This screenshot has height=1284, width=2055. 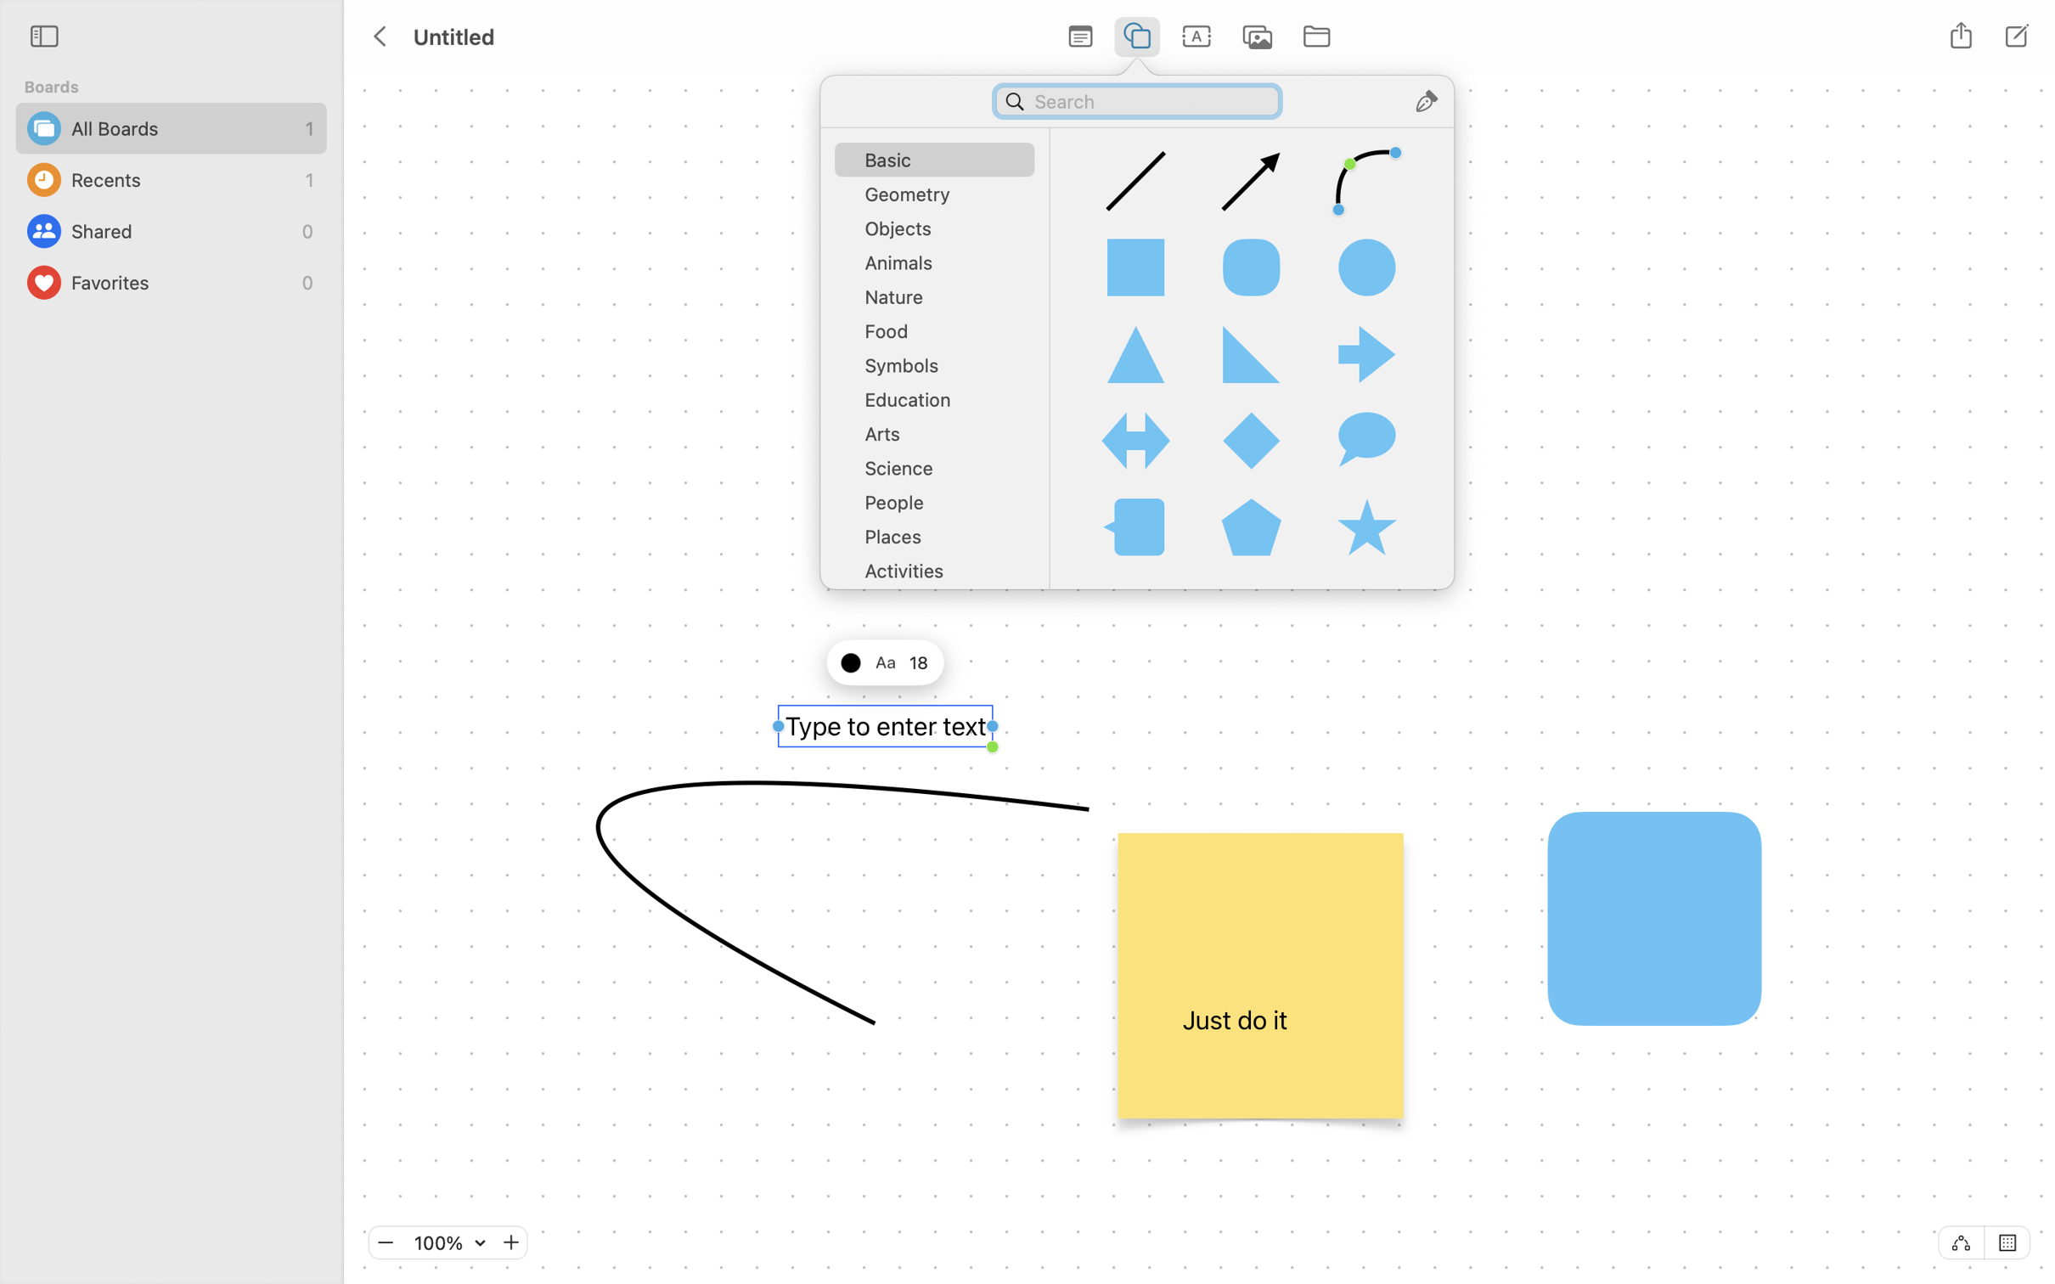 I want to click on 'Favorites', so click(x=182, y=282).